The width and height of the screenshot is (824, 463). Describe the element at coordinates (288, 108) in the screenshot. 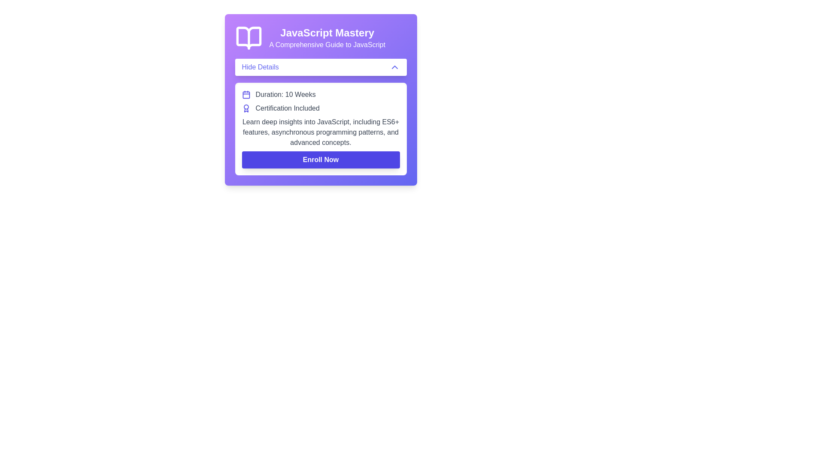

I see `the text label that says 'Certification Included', which is styled in gray text and located within the 'JavaScript Mastery' card, directly below the 'Duration: 10 Weeks' label and to the right of a certification icon` at that location.